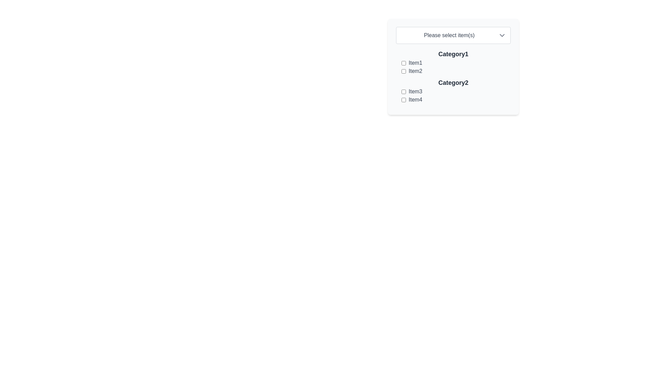 This screenshot has height=368, width=655. I want to click on text content of the header element labeled 'Category1', which is prominently displayed in bold and dark gray color under the dropdown 'Please select item(s)', so click(453, 53).